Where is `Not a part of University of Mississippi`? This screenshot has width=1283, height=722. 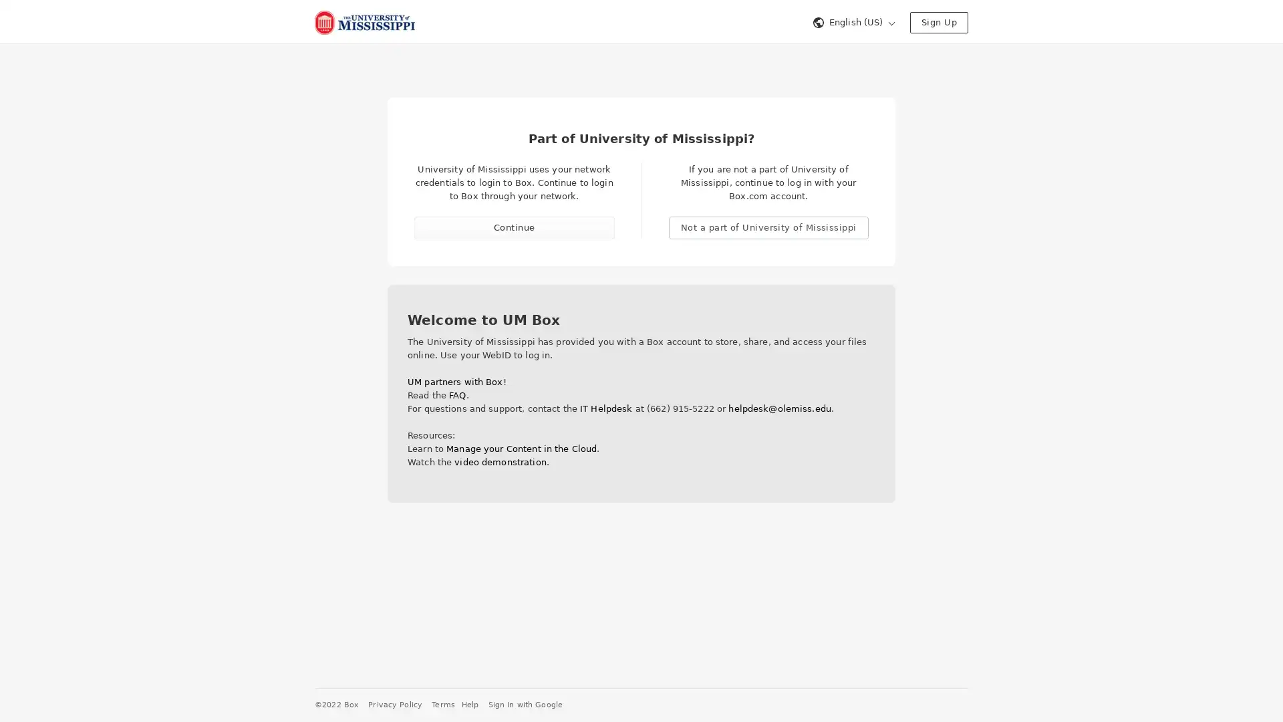 Not a part of University of Mississippi is located at coordinates (768, 227).